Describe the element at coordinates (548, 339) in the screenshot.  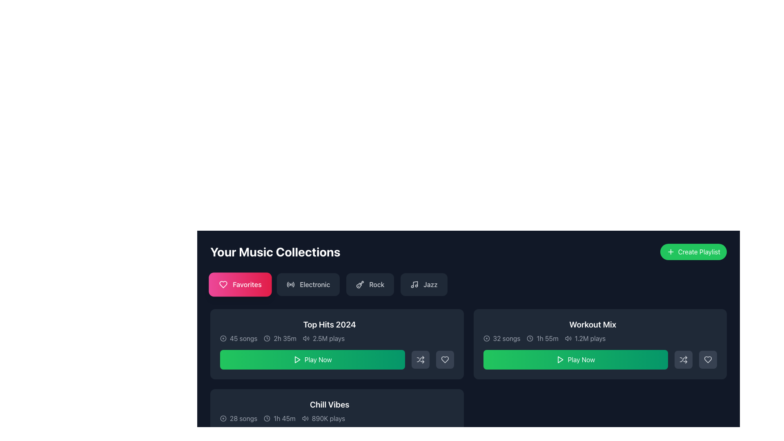
I see `the Text display that shows the duration '1h 55m' in the 'Workout Mix' card section, which is the second element from the left after the clock icon` at that location.